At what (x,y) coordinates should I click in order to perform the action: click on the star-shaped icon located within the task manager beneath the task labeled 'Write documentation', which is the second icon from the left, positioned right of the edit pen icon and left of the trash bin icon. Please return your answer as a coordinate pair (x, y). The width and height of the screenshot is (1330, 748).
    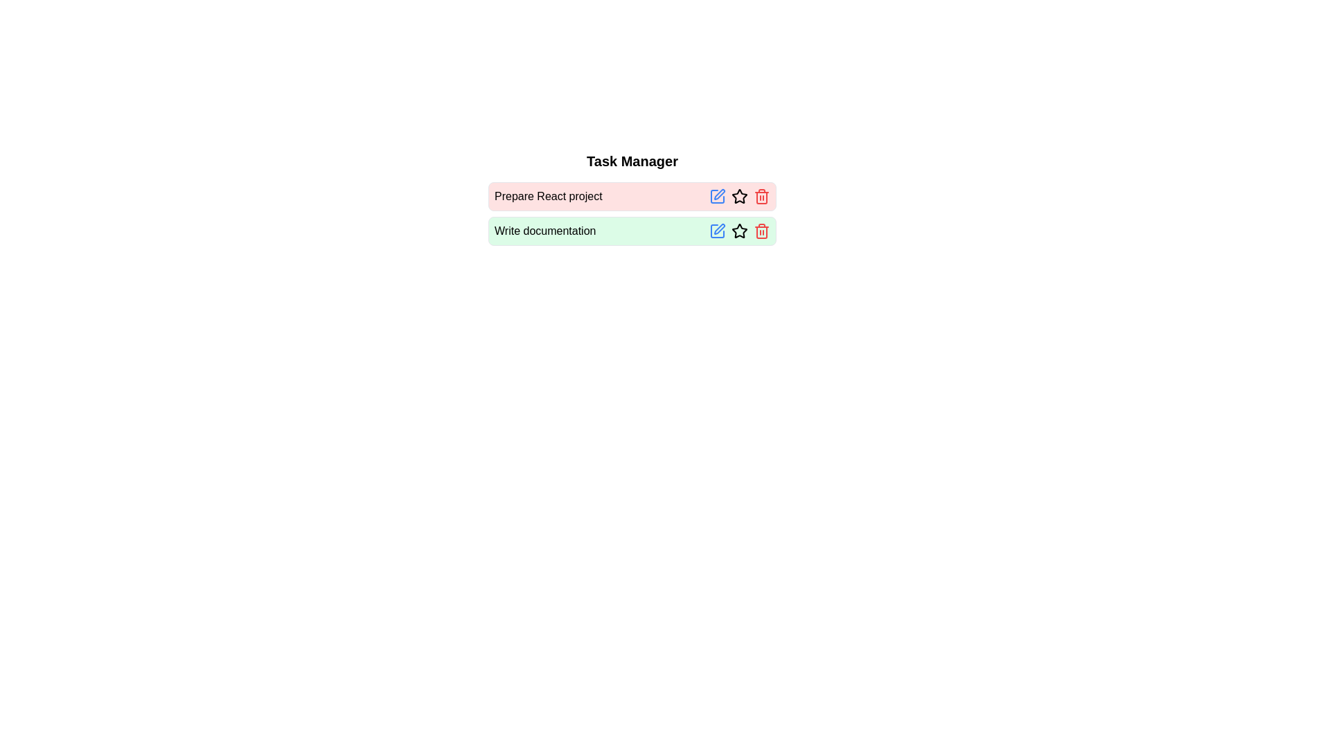
    Looking at the image, I should click on (739, 231).